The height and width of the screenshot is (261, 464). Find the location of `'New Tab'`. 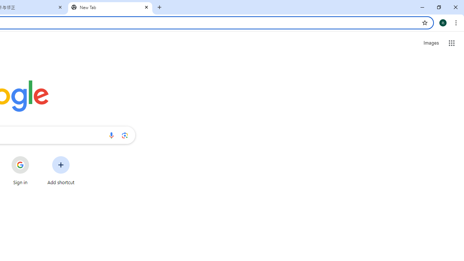

'New Tab' is located at coordinates (110, 7).